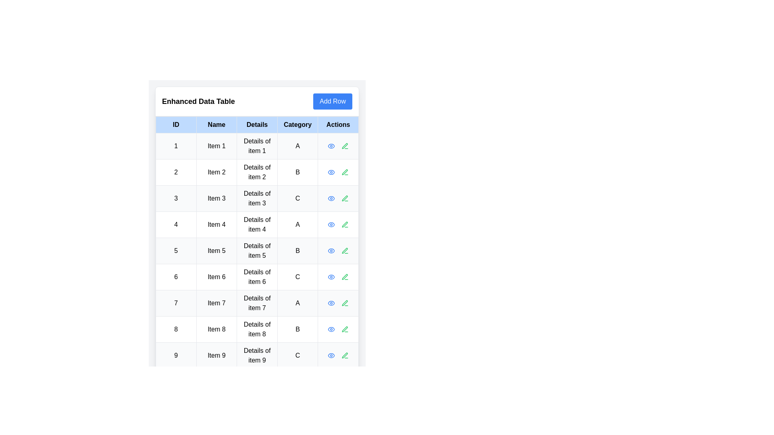  Describe the element at coordinates (331, 172) in the screenshot. I see `the view icon button located in the 'Actions' column of the second row in the table` at that location.